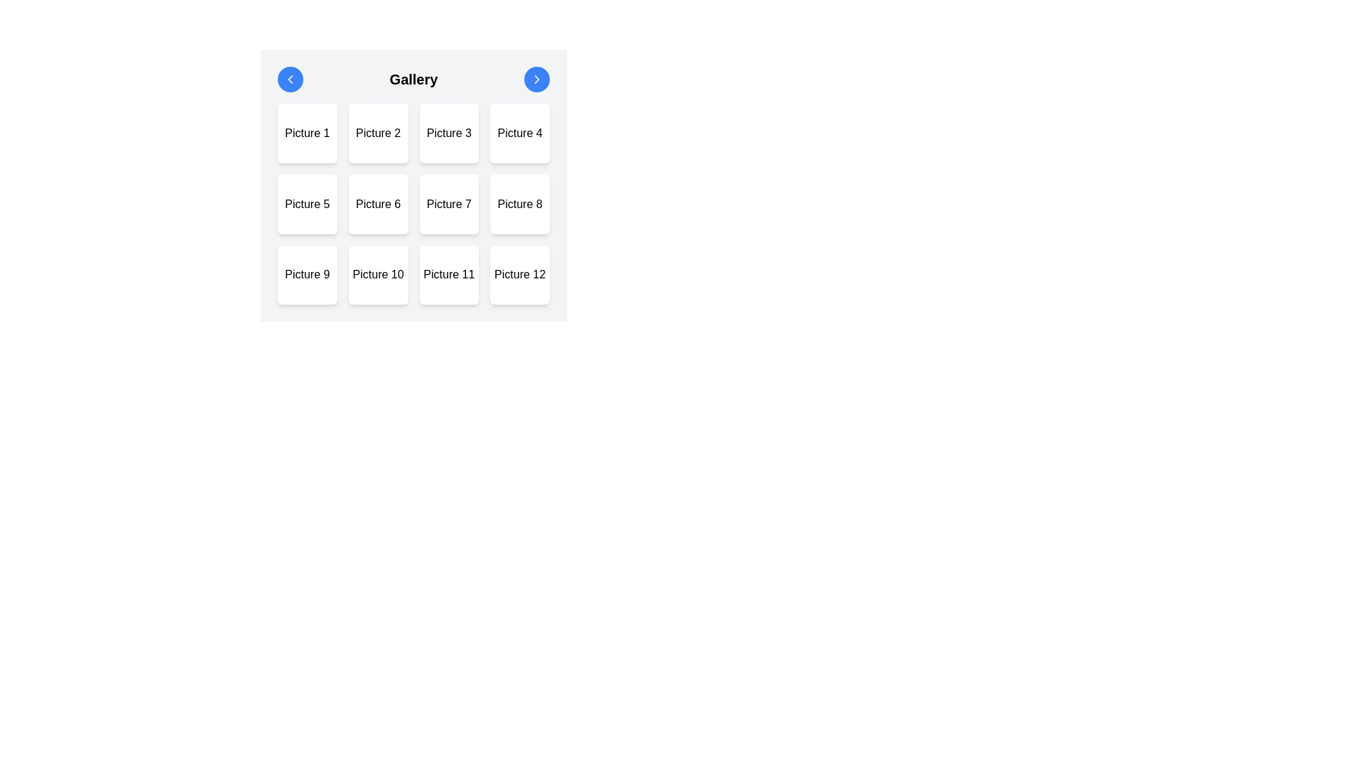 This screenshot has width=1364, height=767. Describe the element at coordinates (378, 133) in the screenshot. I see `the button labeled 'Picture 2' in the grid` at that location.